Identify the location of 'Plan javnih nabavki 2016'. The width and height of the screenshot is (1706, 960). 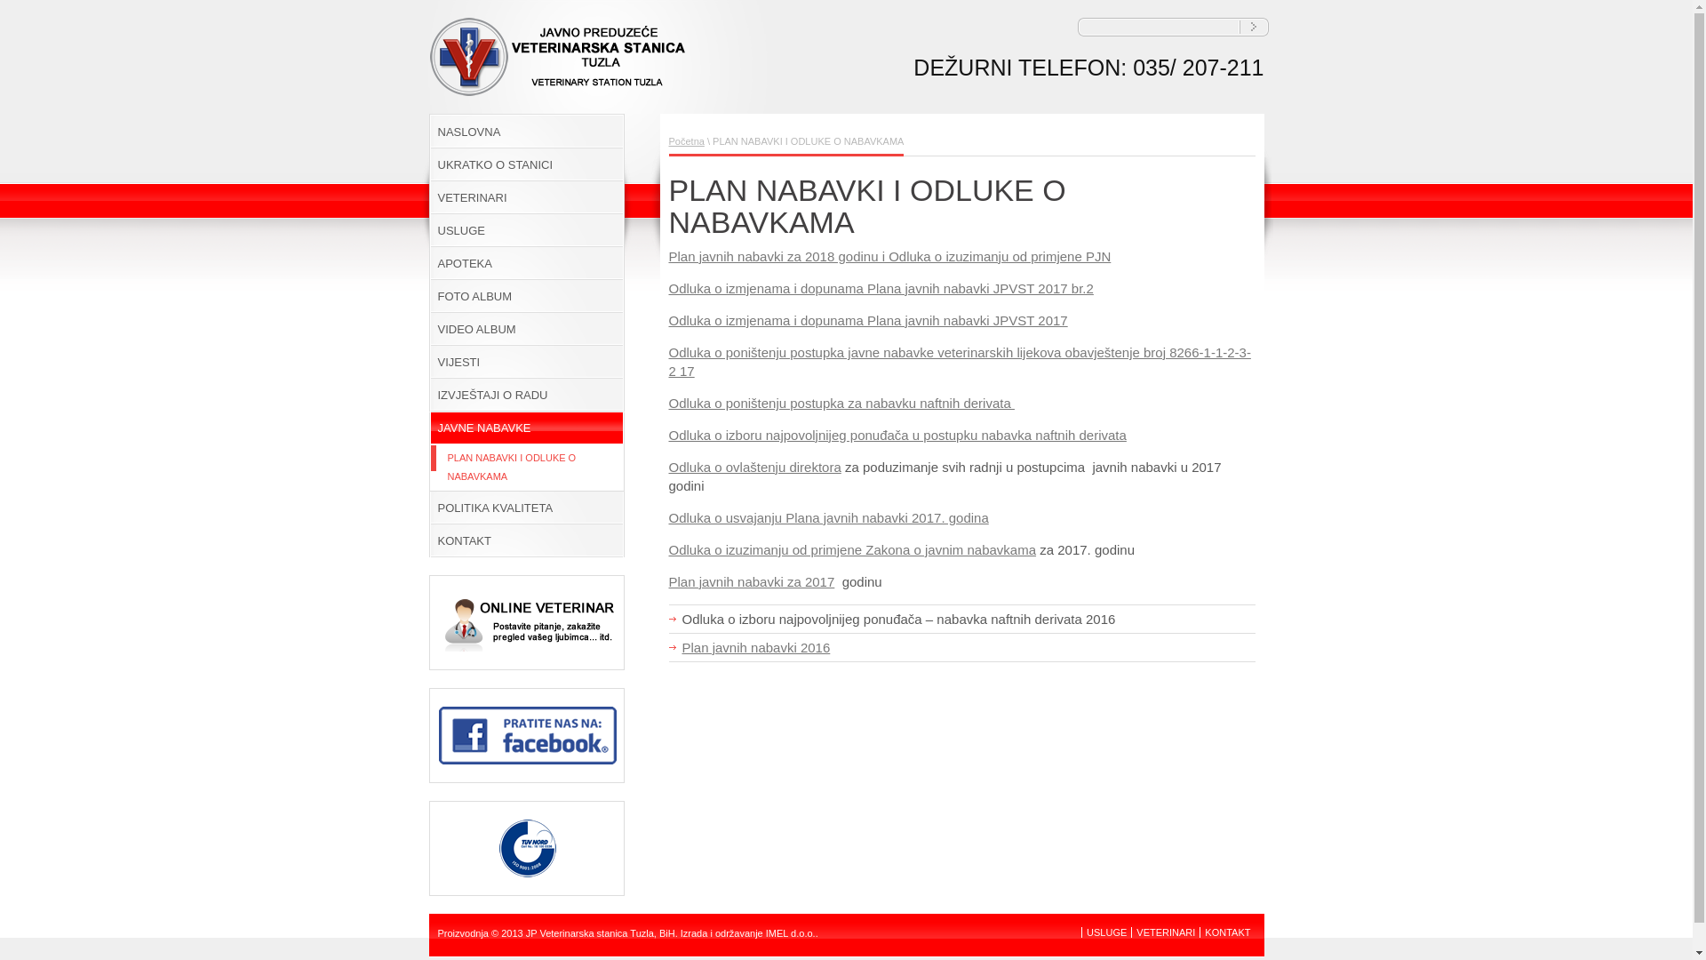
(756, 647).